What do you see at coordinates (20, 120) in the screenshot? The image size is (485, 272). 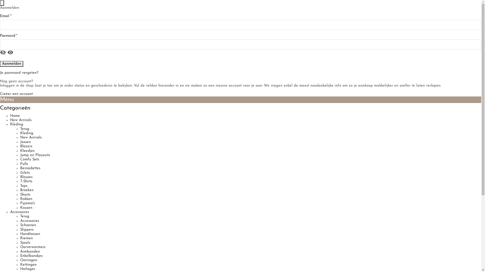 I see `'New Arrivals'` at bounding box center [20, 120].